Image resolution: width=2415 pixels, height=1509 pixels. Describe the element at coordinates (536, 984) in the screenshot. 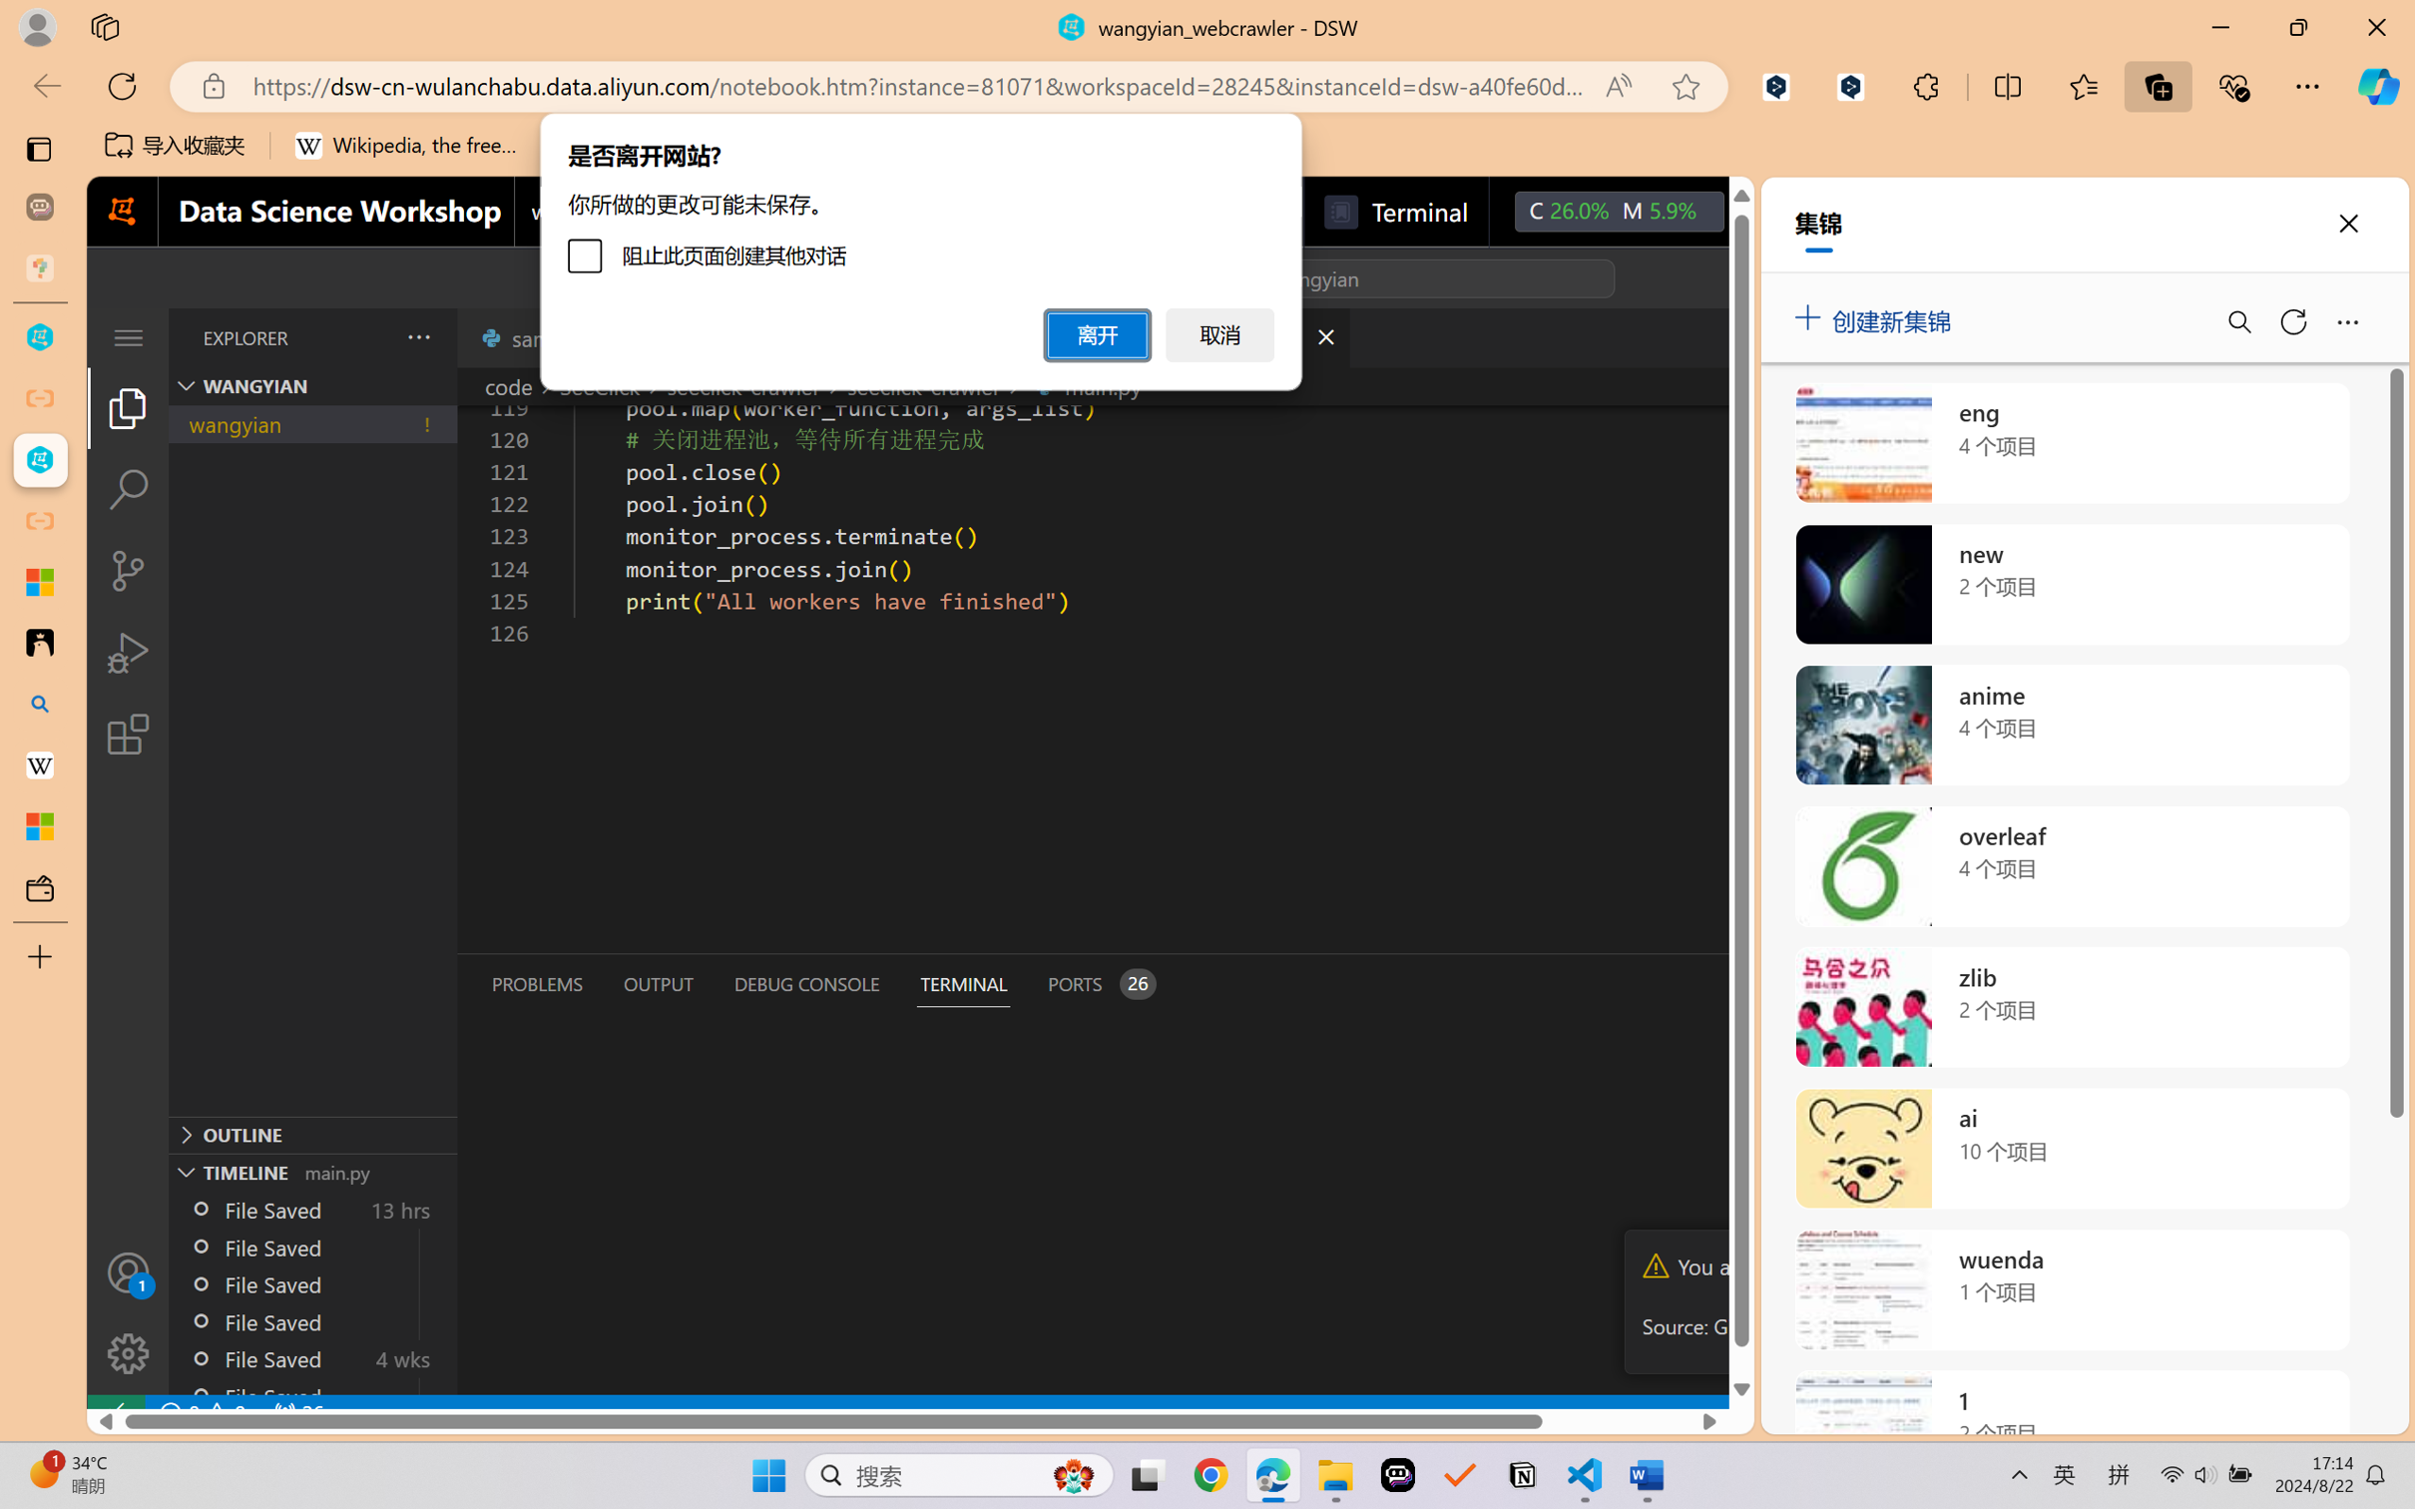

I see `'Problems (Ctrl+Shift+M)'` at that location.